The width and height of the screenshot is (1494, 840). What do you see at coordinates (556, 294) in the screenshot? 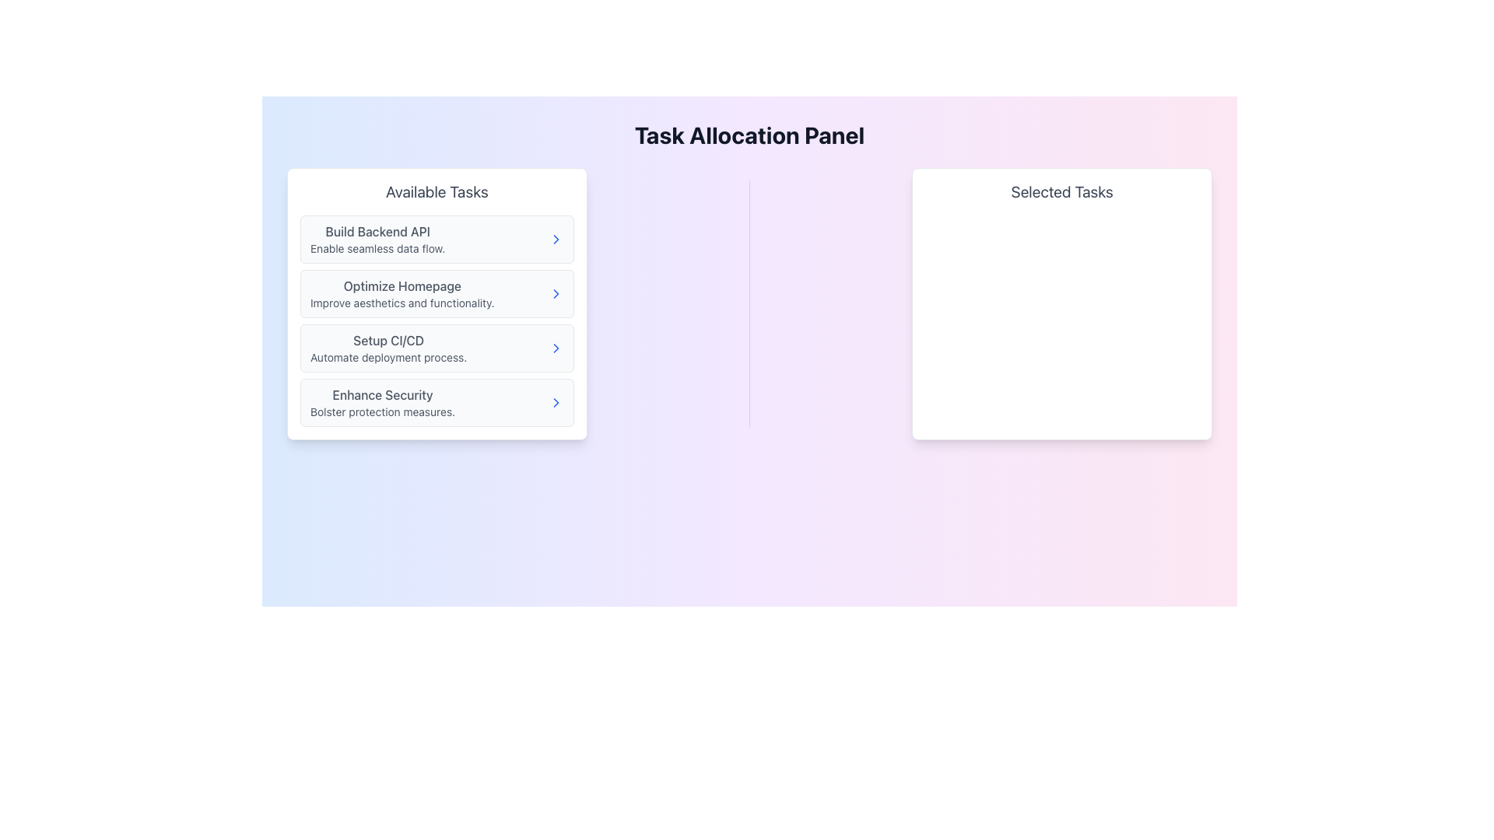
I see `the second arrow icon under 'Available Tasks' for the 'Optimize Homepage' task` at bounding box center [556, 294].